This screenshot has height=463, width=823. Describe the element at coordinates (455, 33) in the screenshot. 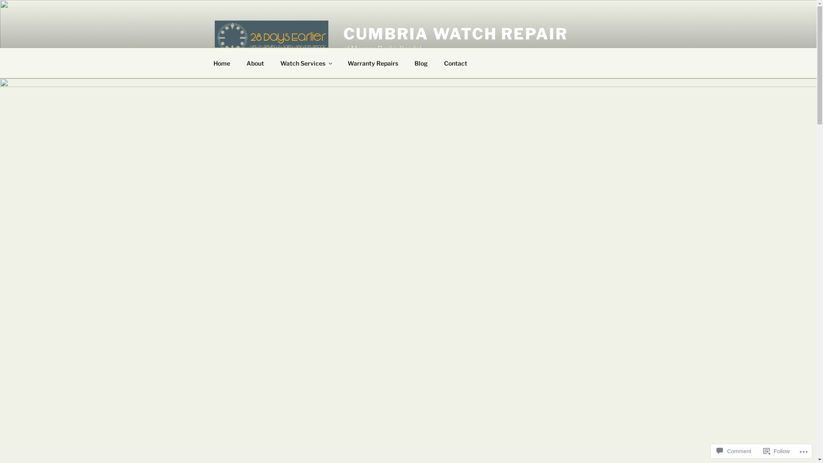

I see `'CUMBRIA WATCH REPAIR'` at that location.